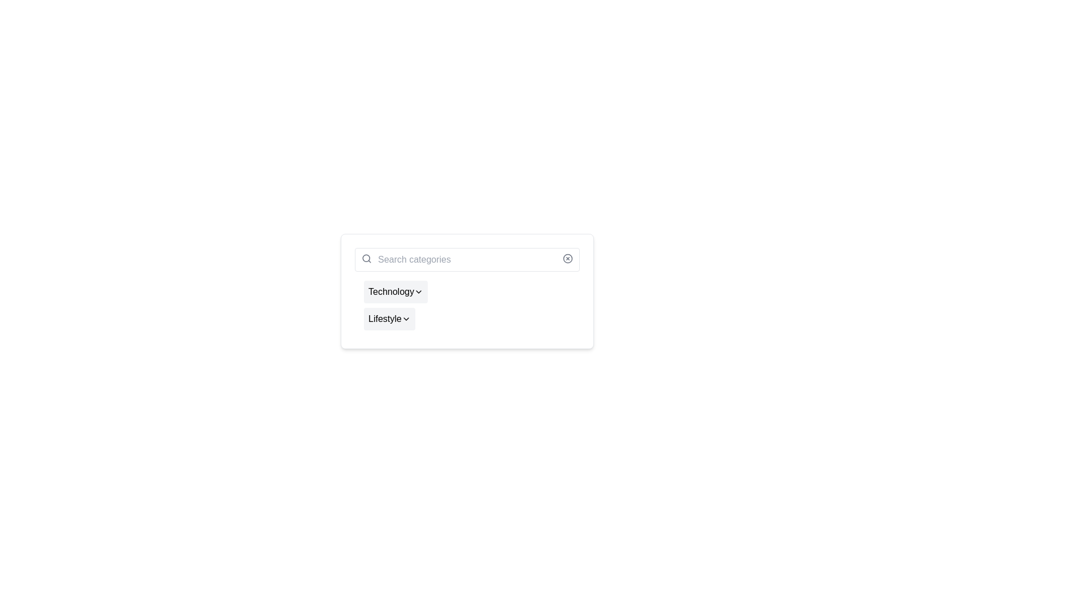  Describe the element at coordinates (406, 319) in the screenshot. I see `the downward-pointing chevron icon indicating a dropdown menu` at that location.